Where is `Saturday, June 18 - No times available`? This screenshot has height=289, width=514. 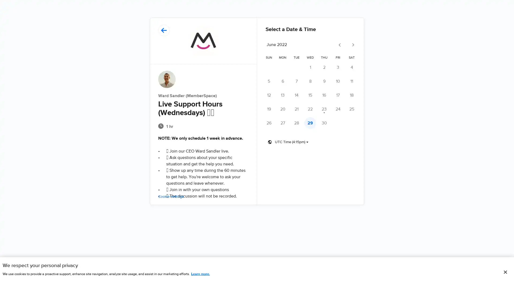
Saturday, June 18 - No times available is located at coordinates (352, 95).